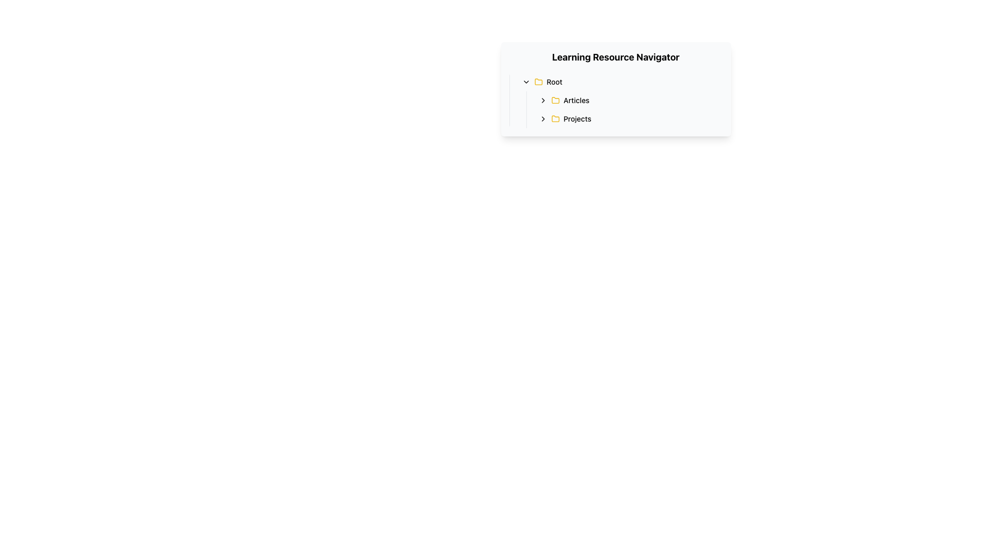  I want to click on the expandable icon located to the immediate left of the 'Projects' item in the navigation panel, so click(542, 118).